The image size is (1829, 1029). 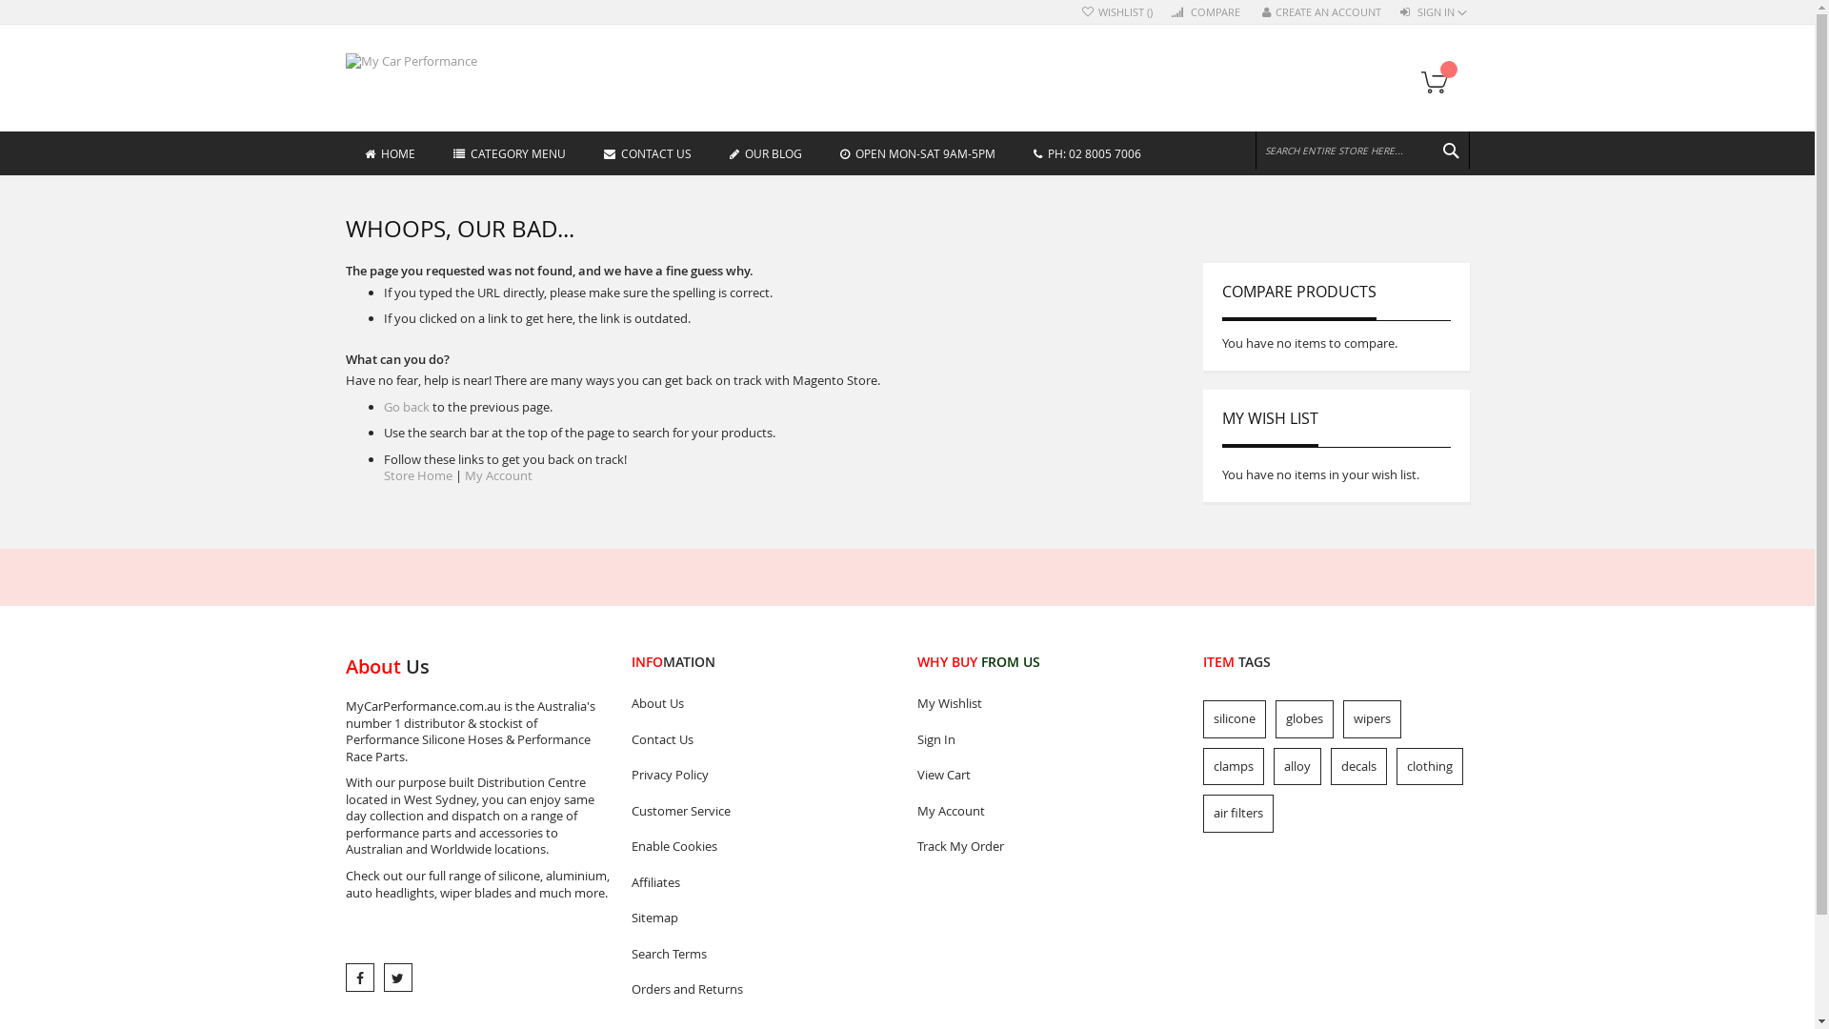 I want to click on 'My Cart', so click(x=1413, y=82).